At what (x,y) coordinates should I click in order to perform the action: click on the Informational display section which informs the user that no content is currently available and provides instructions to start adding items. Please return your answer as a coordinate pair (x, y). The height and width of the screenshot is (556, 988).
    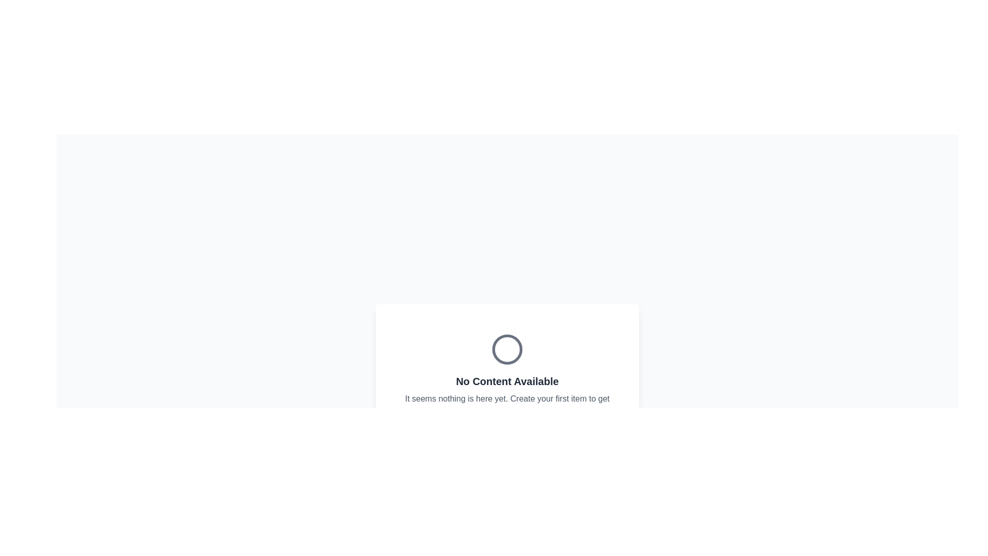
    Looking at the image, I should click on (507, 412).